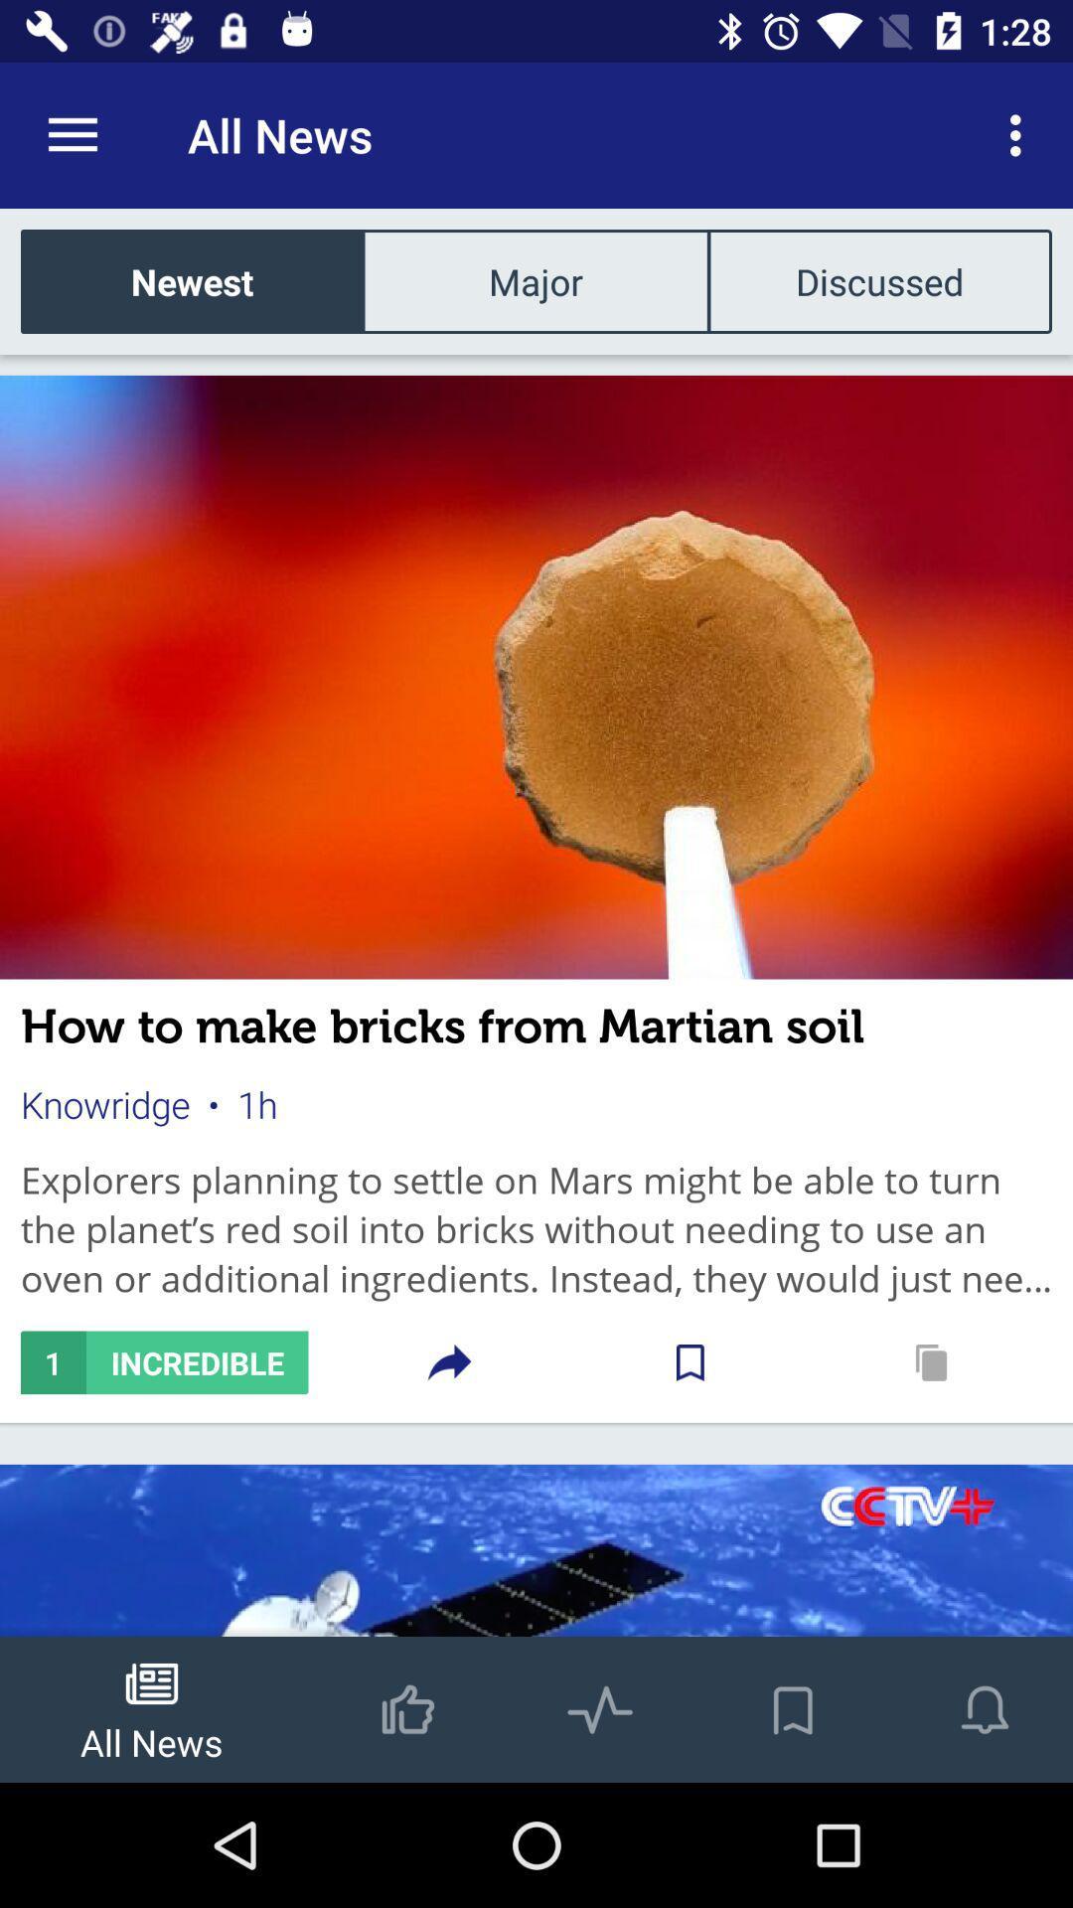 The height and width of the screenshot is (1908, 1073). I want to click on the item next to the major item, so click(192, 280).